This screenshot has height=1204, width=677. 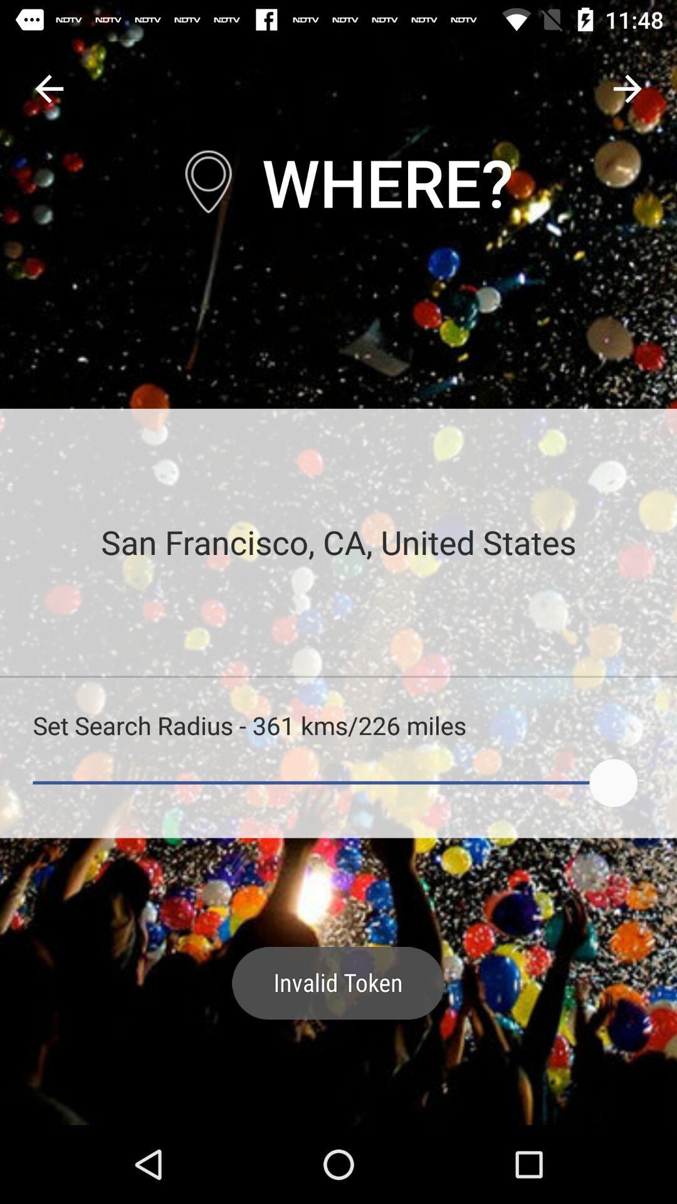 I want to click on the arrow_forward icon, so click(x=627, y=88).